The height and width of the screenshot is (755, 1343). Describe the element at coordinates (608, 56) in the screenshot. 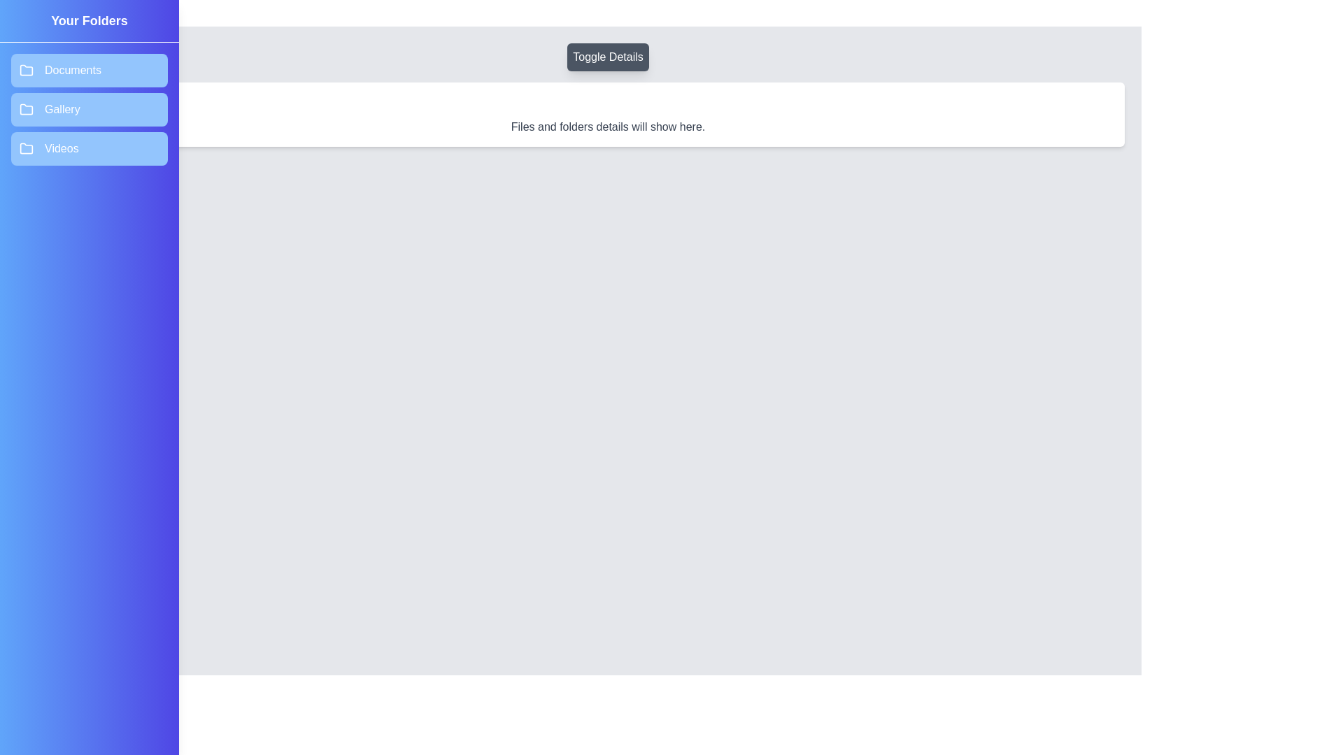

I see `the 'Toggle Details' button to toggle the visibility of the details section` at that location.